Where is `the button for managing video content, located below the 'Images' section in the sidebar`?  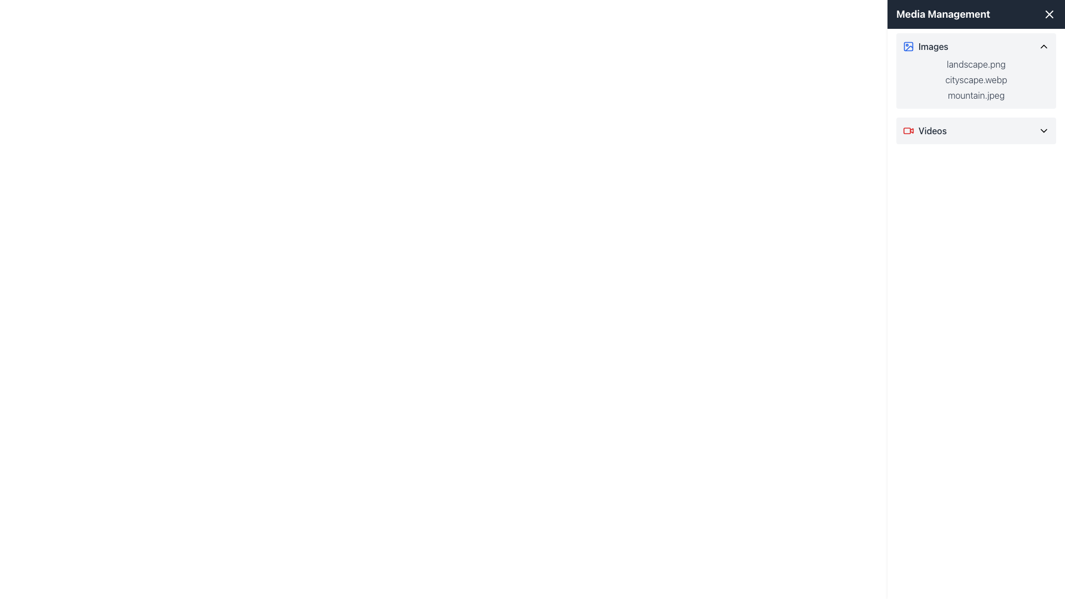 the button for managing video content, located below the 'Images' section in the sidebar is located at coordinates (976, 130).